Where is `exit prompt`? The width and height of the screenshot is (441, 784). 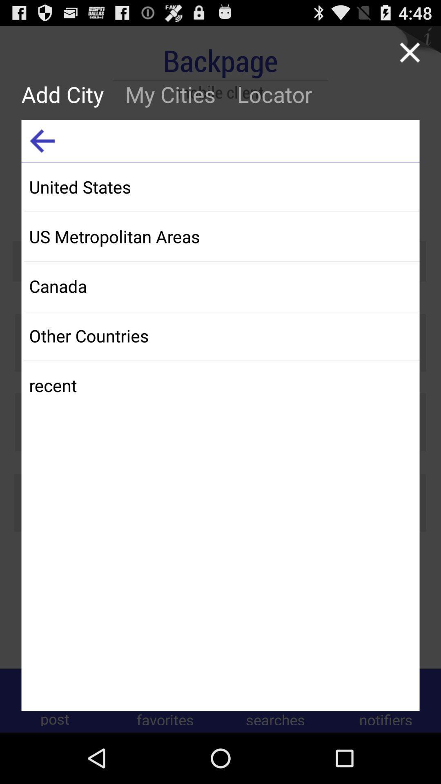 exit prompt is located at coordinates (410, 52).